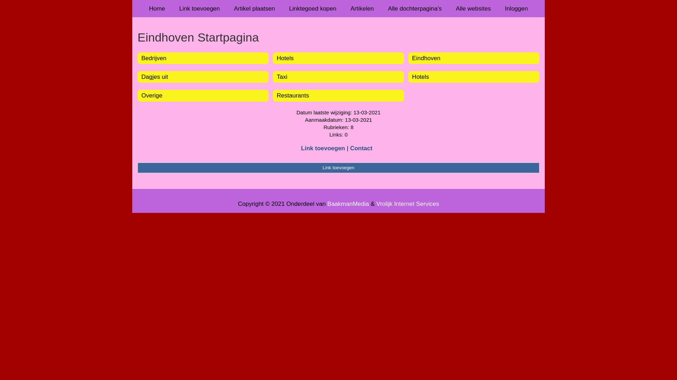  Describe the element at coordinates (343, 8) in the screenshot. I see `'Artikelen'` at that location.